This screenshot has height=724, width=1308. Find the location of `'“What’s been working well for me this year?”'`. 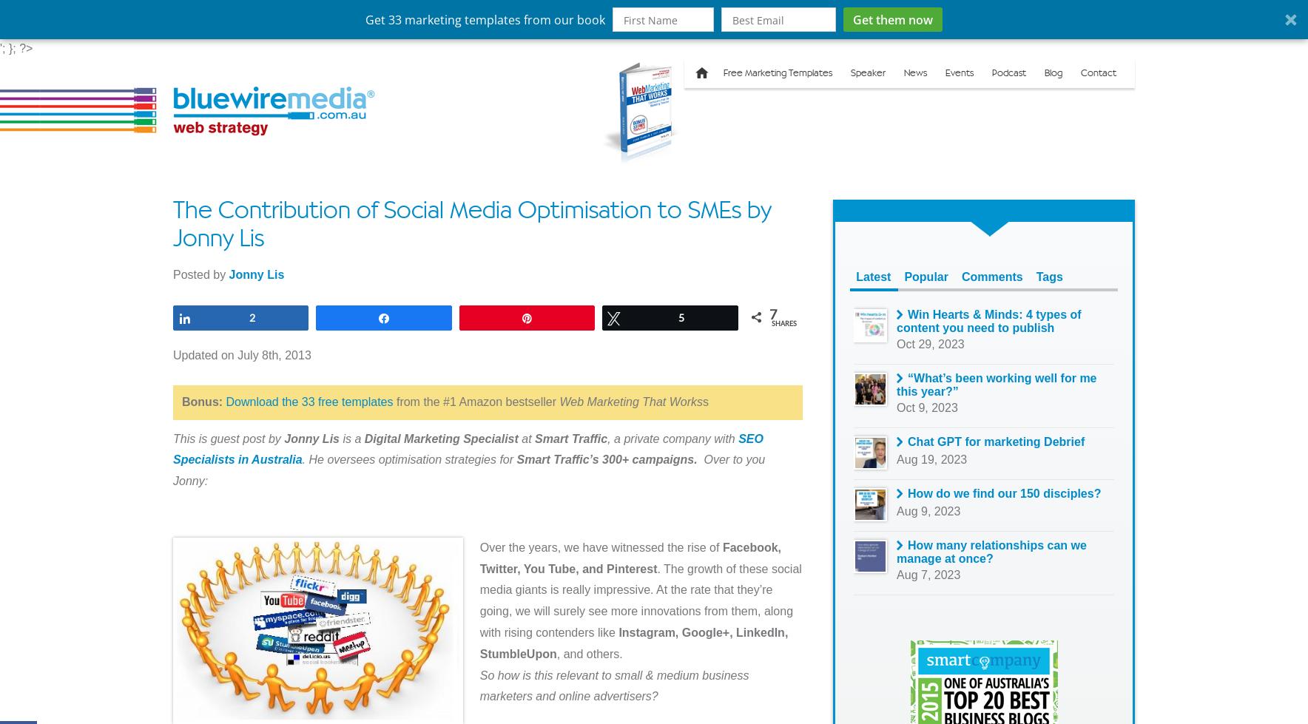

'“What’s been working well for me this year?”' is located at coordinates (996, 383).